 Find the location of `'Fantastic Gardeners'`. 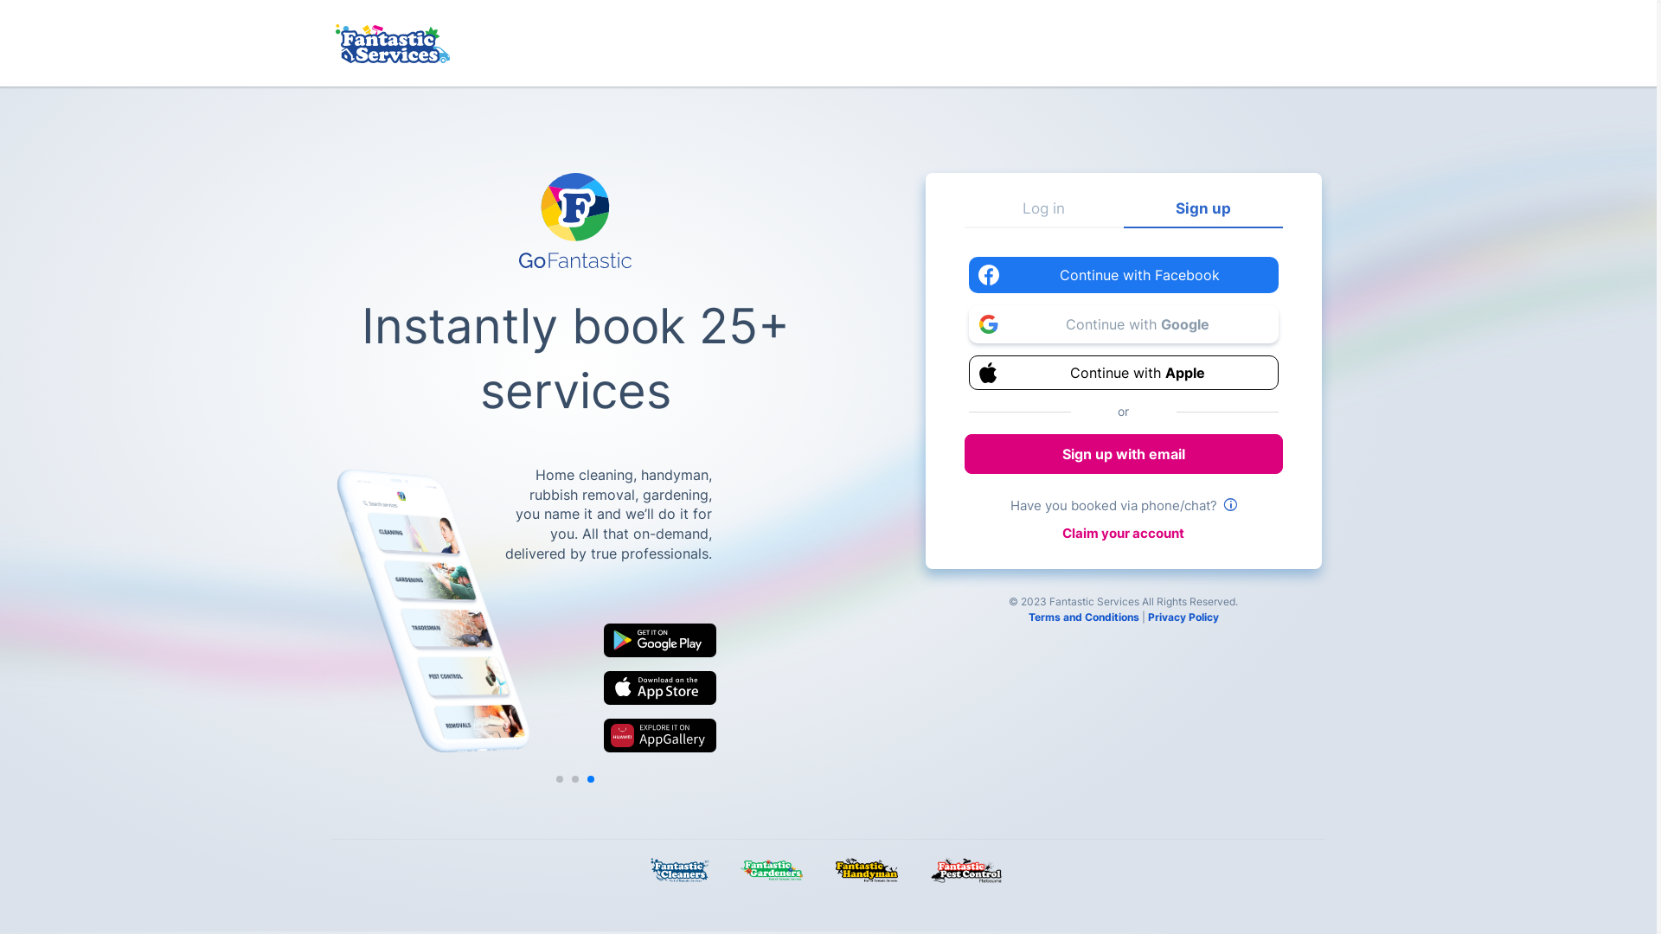

'Fantastic Gardeners' is located at coordinates (740, 870).